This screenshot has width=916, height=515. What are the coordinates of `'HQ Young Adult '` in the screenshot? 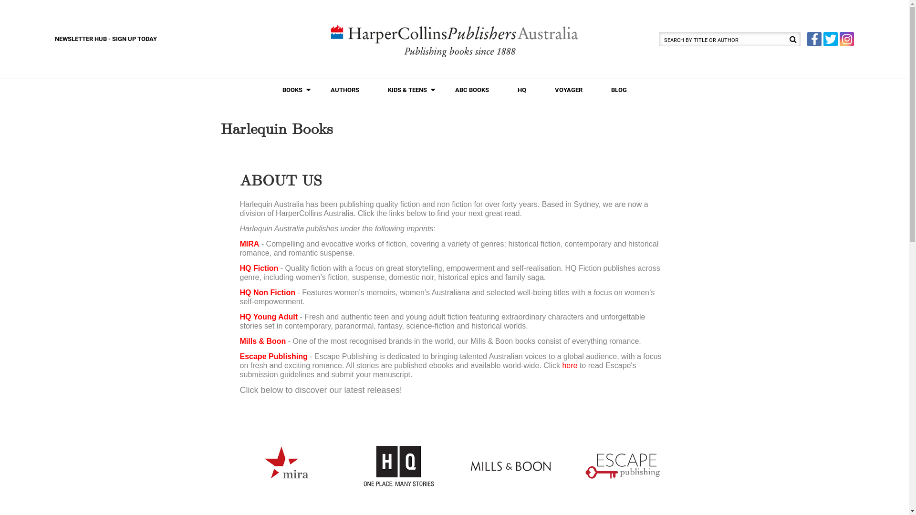 It's located at (269, 317).